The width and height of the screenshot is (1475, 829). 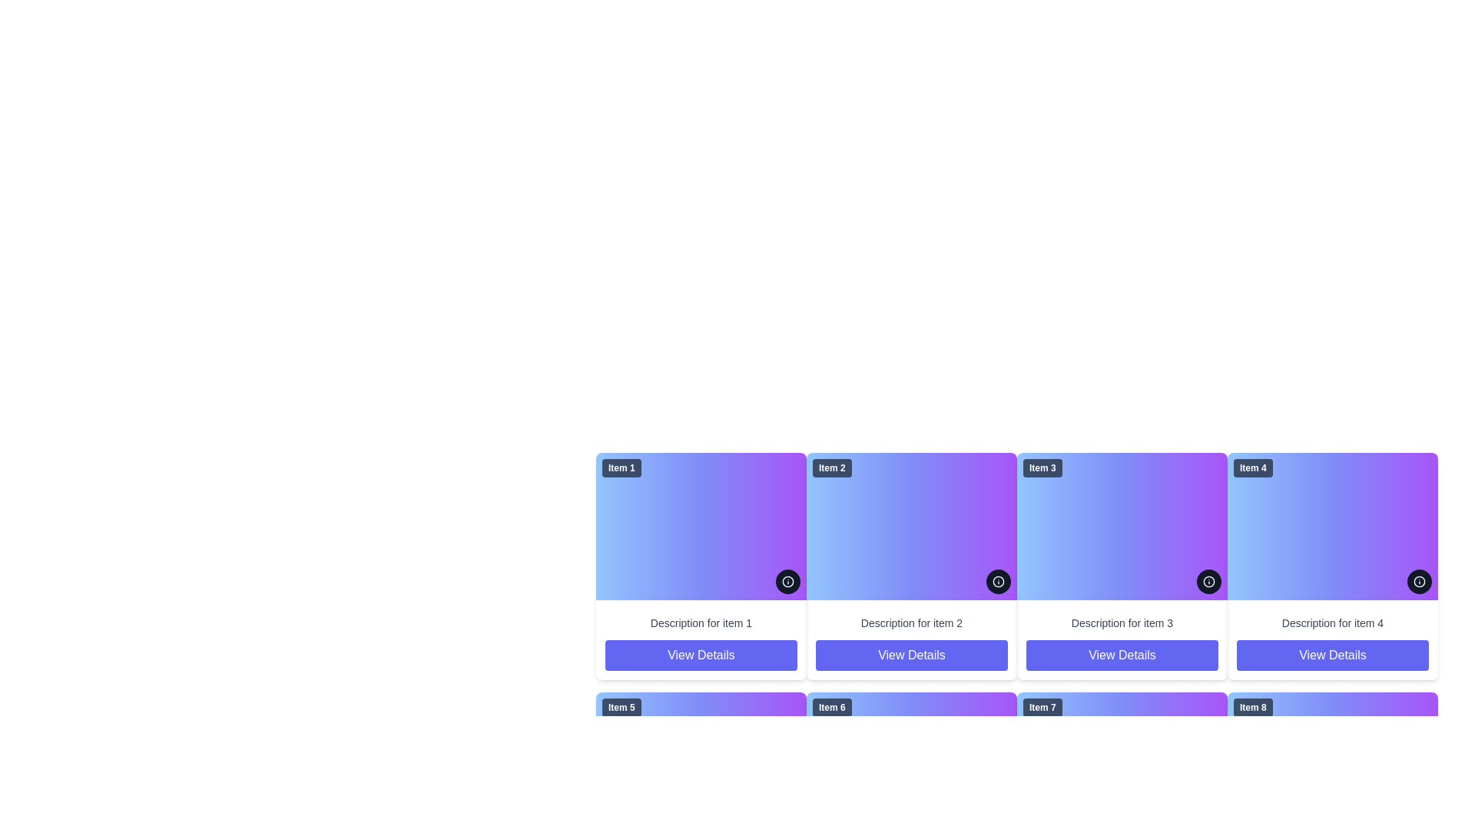 What do you see at coordinates (1419, 582) in the screenshot?
I see `the information icon button, which is a white 'i' on a dark circular background, located in the bottom-right corner of the card labeled 'Item 4'` at bounding box center [1419, 582].